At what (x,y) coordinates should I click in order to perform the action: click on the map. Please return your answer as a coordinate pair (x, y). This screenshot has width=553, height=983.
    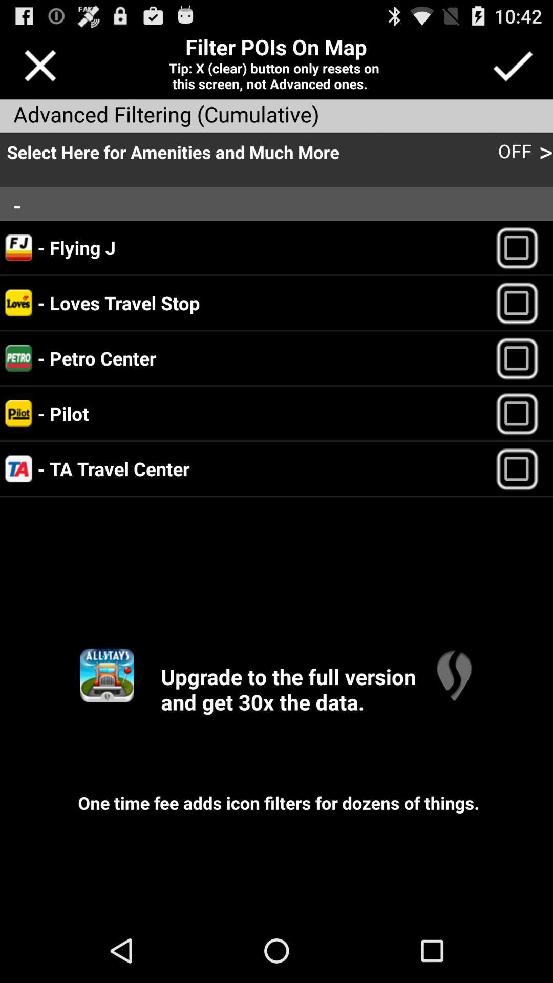
    Looking at the image, I should click on (453, 675).